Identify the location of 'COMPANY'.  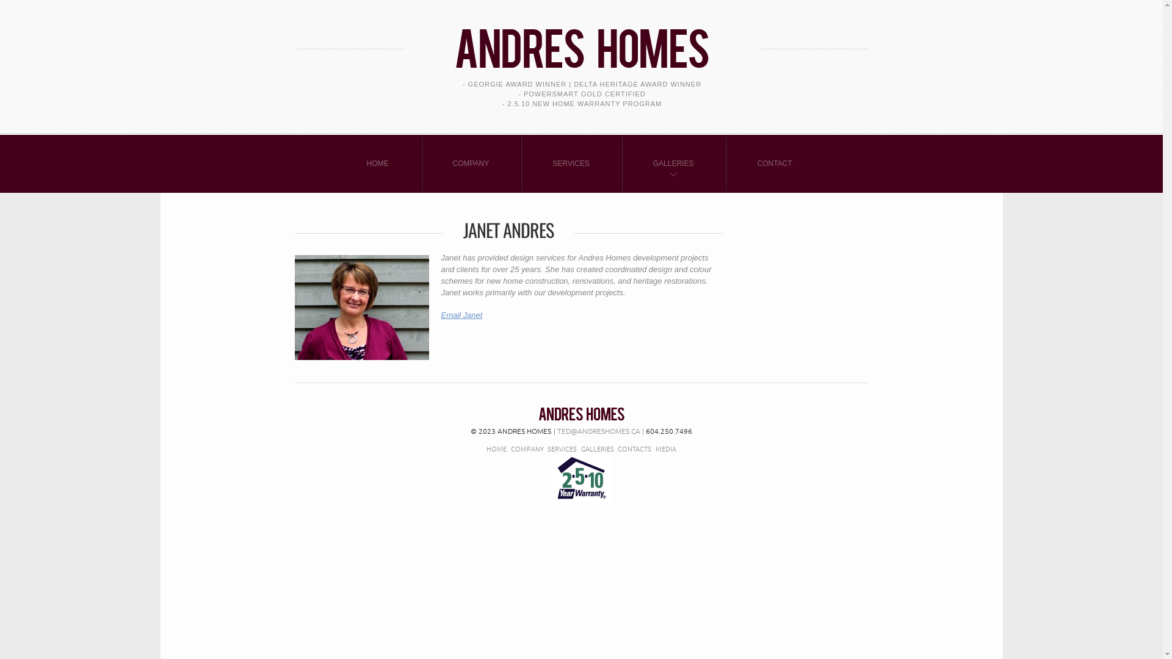
(527, 448).